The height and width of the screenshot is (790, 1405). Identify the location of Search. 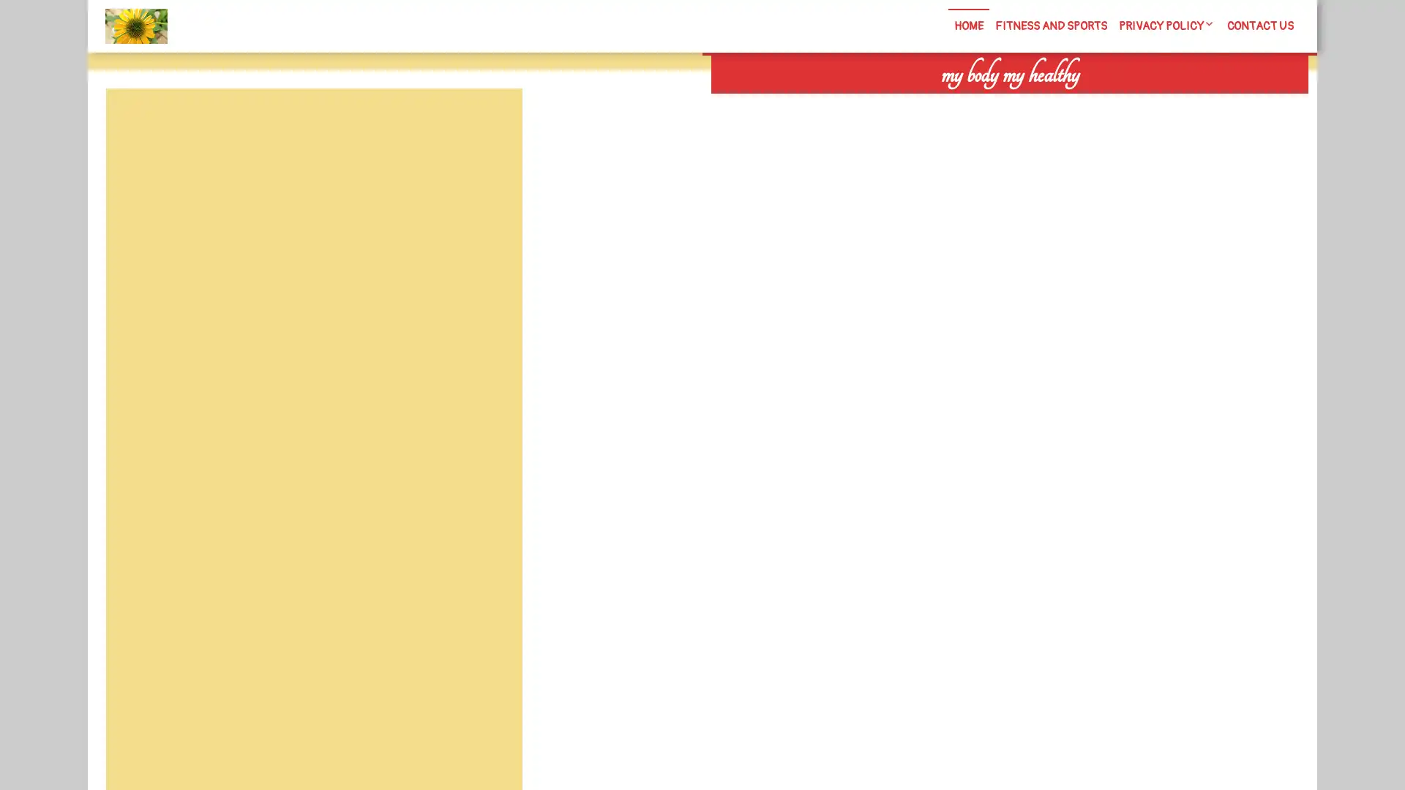
(1139, 102).